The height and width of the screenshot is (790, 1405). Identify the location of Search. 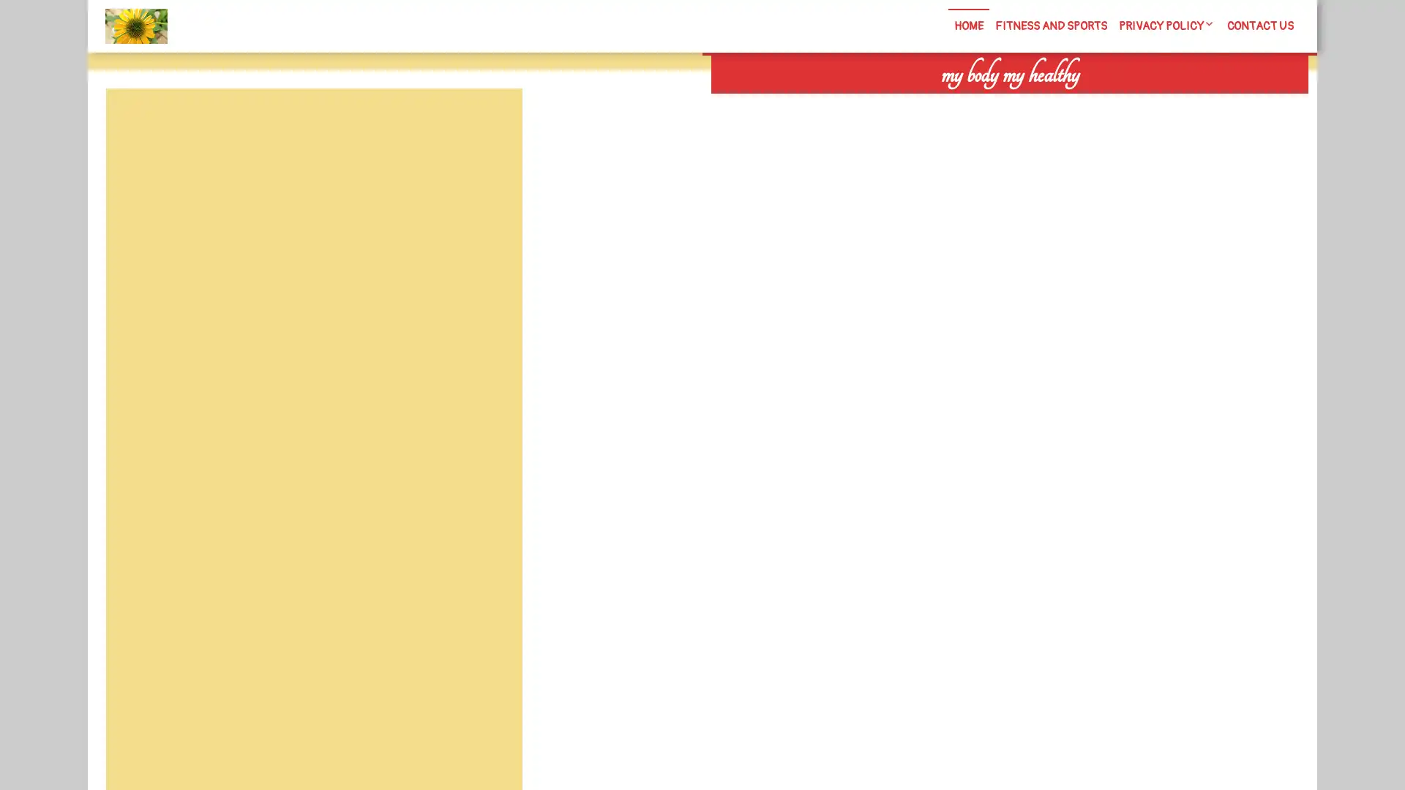
(1139, 102).